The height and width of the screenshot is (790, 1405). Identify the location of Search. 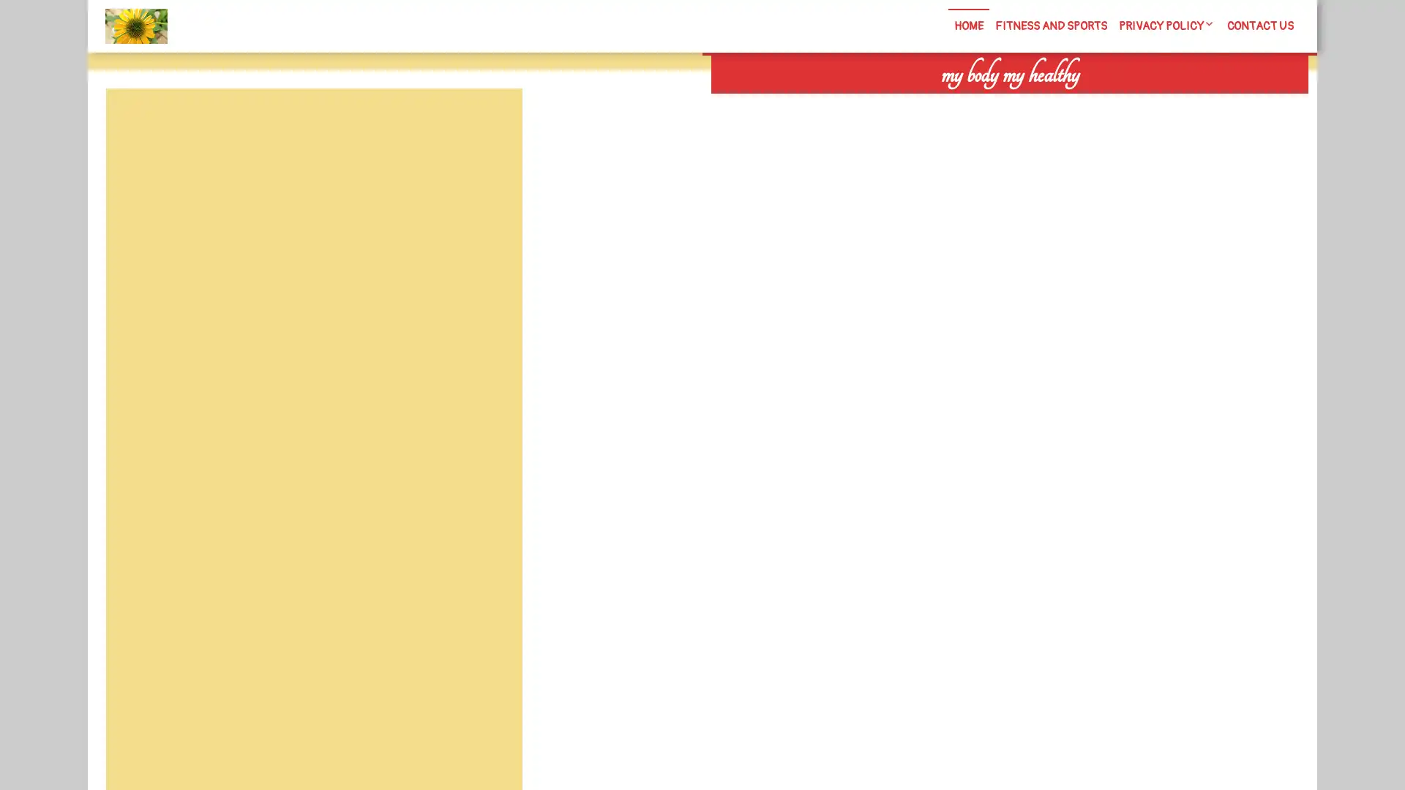
(1139, 102).